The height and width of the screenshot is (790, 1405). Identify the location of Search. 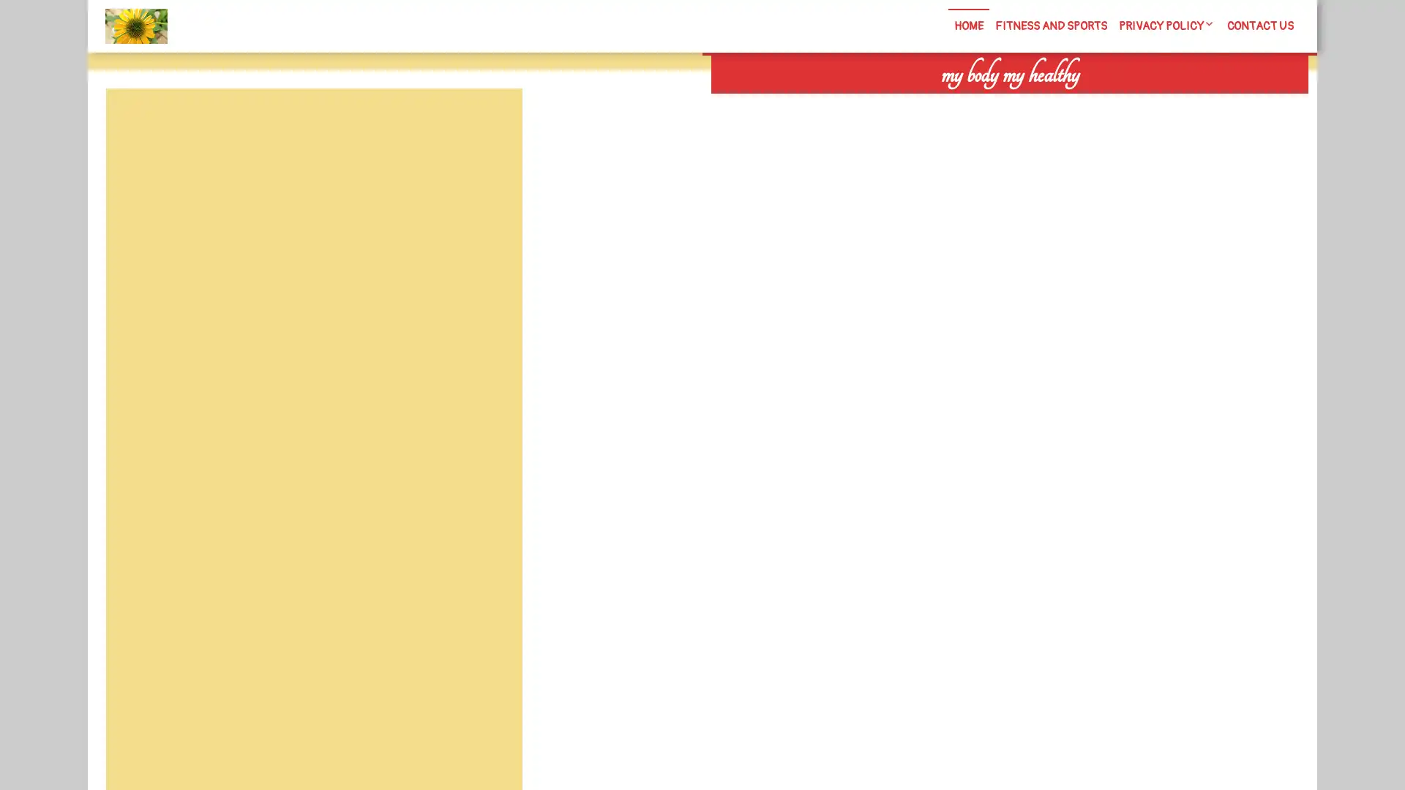
(1139, 102).